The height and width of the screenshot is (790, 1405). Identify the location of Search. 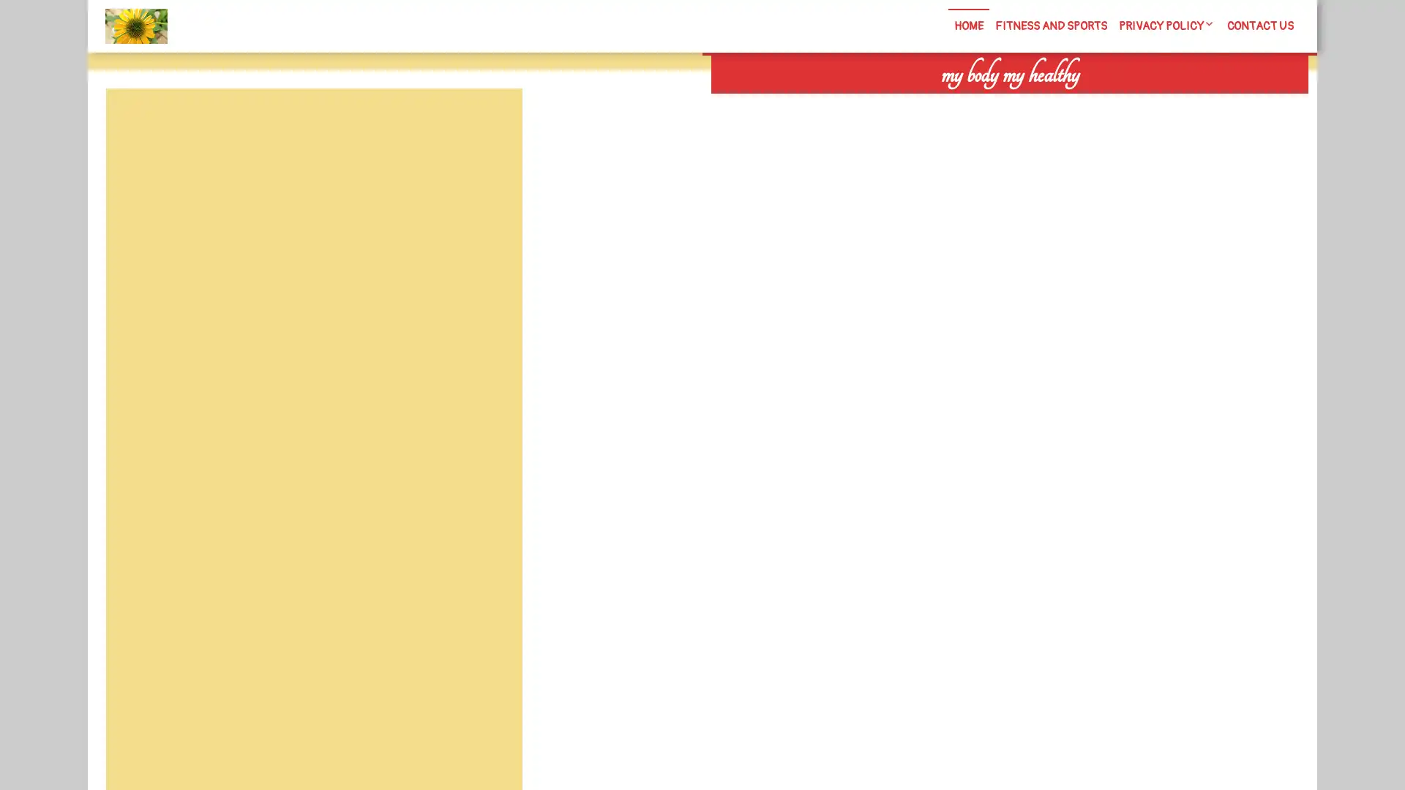
(1139, 102).